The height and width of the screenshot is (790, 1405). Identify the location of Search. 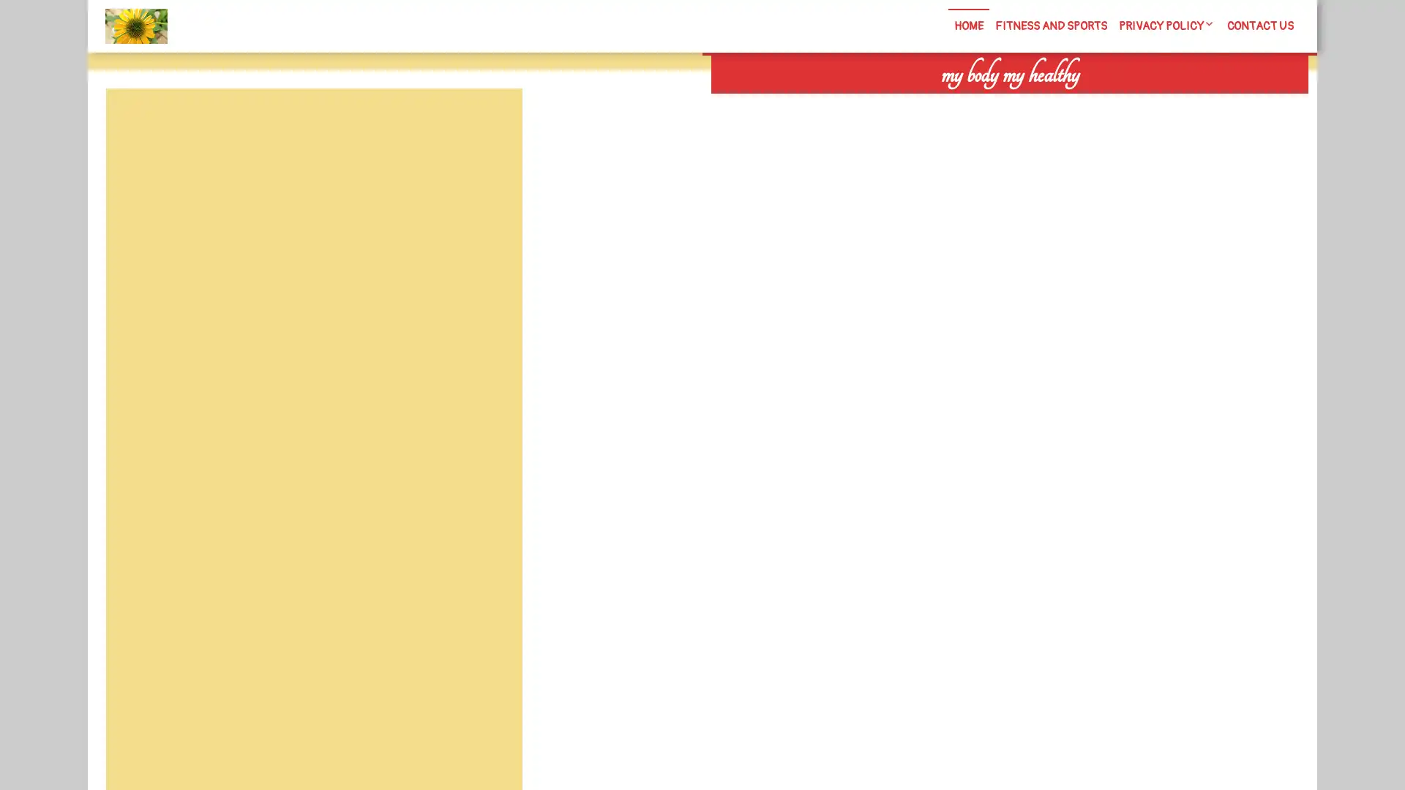
(1139, 102).